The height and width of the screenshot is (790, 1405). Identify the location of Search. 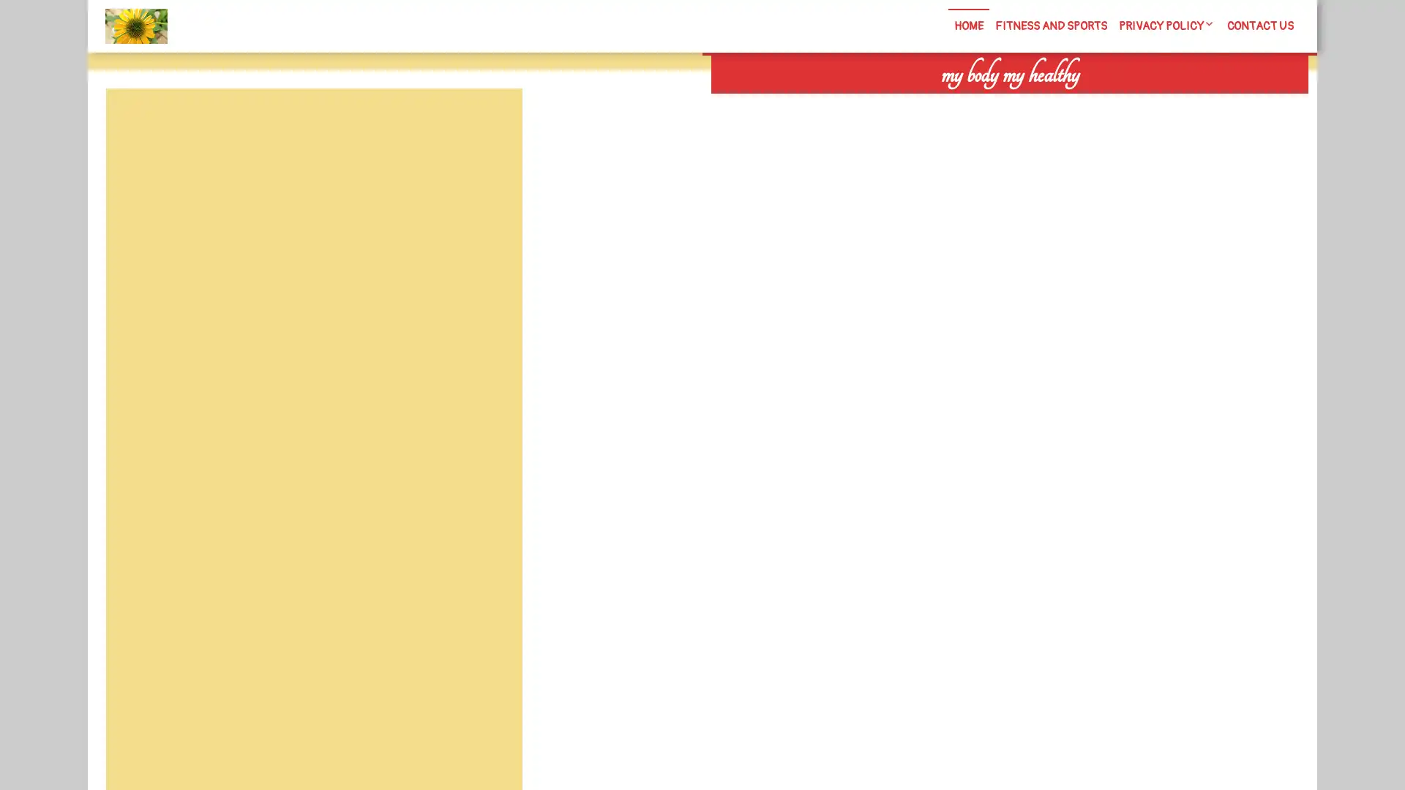
(1139, 102).